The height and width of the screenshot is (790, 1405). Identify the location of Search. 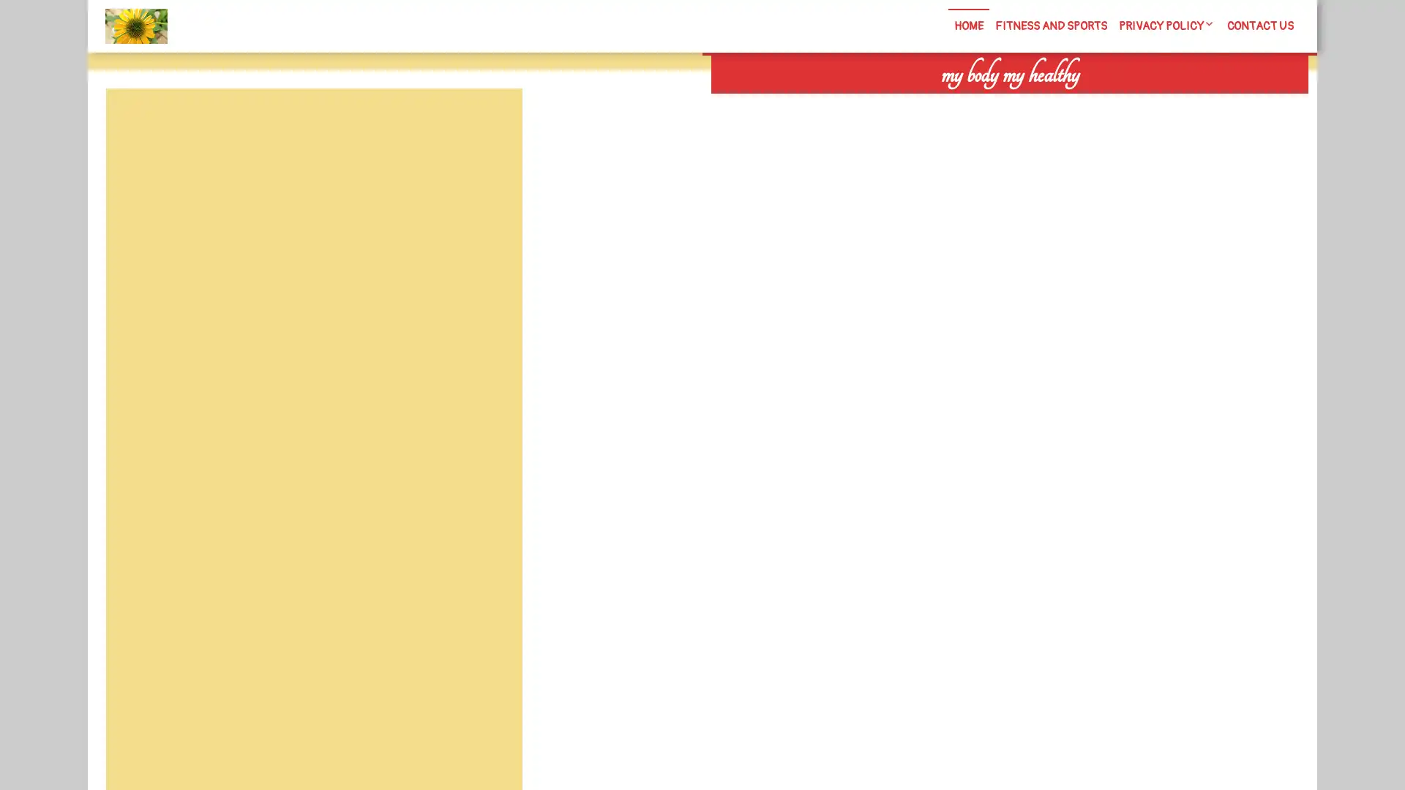
(1139, 102).